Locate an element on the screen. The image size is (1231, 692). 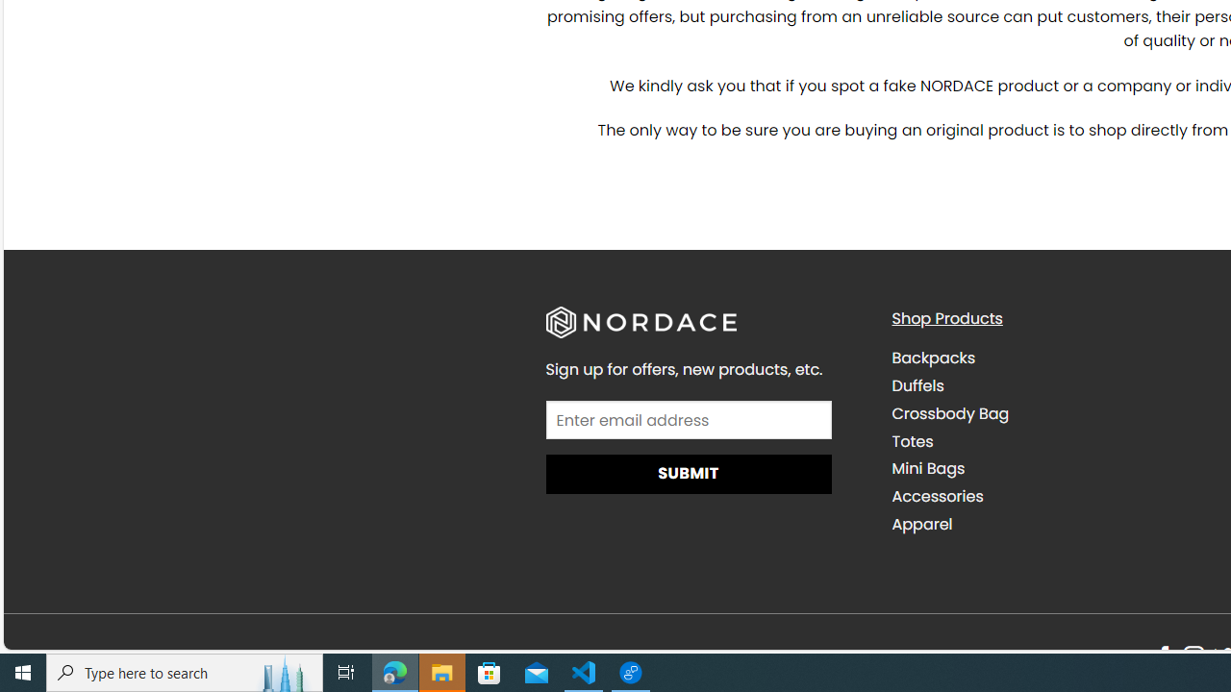
'Duffels' is located at coordinates (1049, 385).